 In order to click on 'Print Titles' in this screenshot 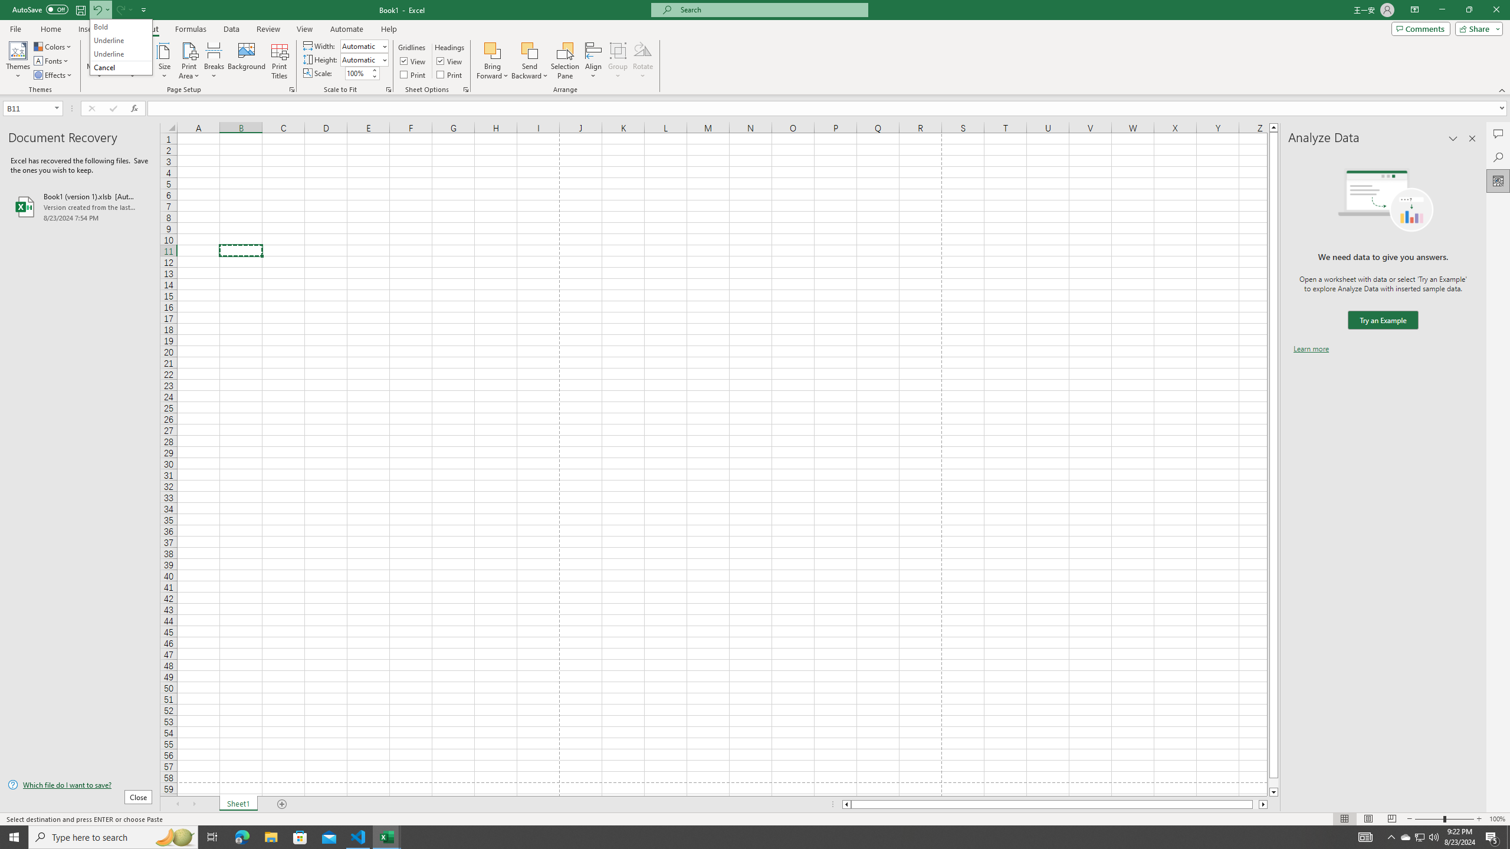, I will do `click(278, 61)`.